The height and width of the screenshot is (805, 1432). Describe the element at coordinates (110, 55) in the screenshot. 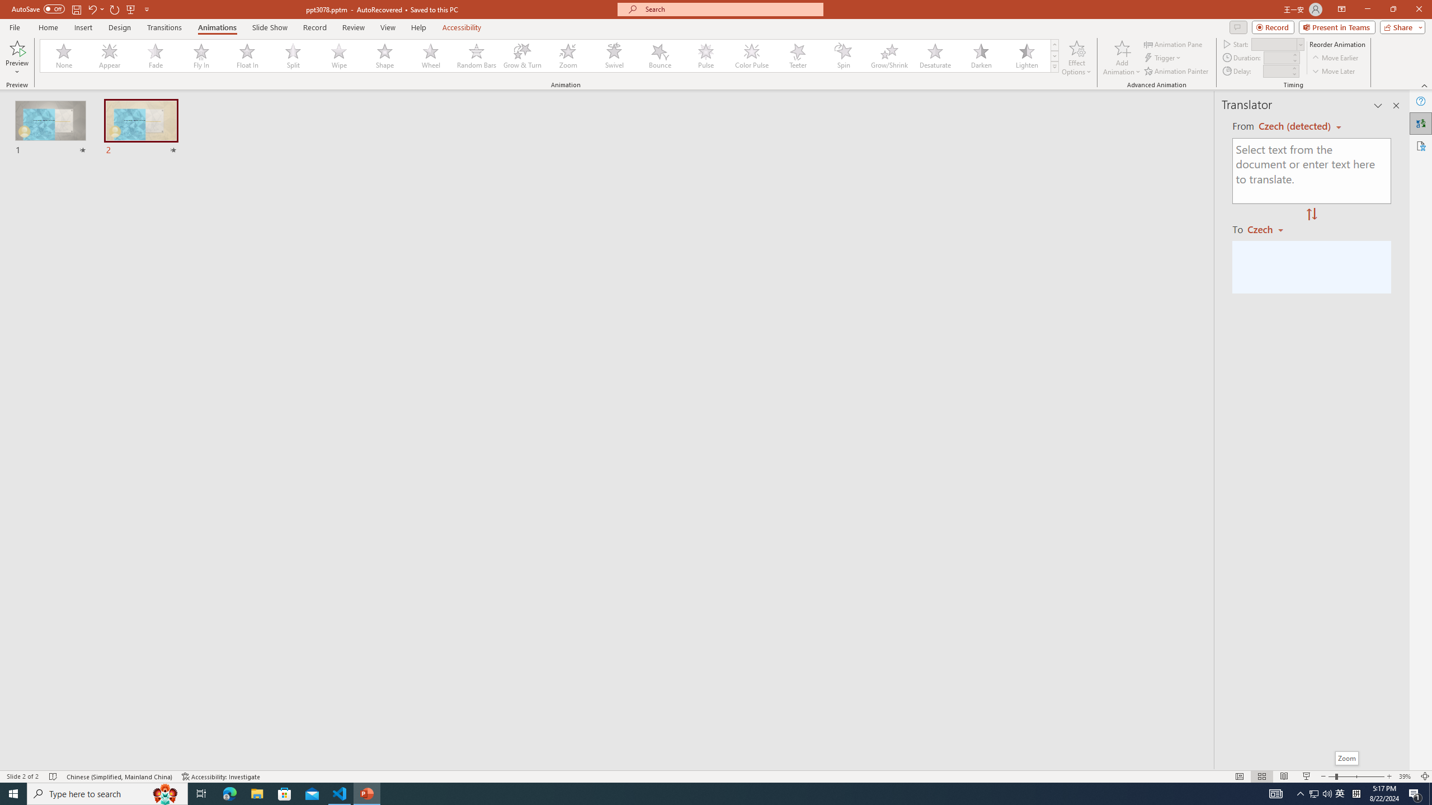

I see `'Appear'` at that location.